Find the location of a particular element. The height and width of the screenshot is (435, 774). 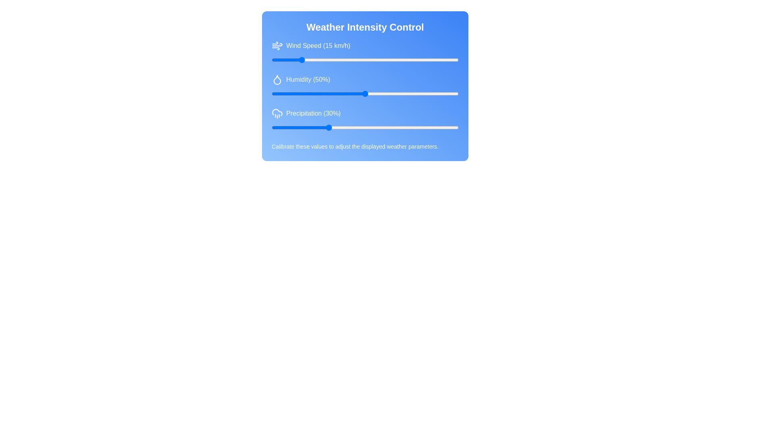

the wind speed is located at coordinates (368, 60).